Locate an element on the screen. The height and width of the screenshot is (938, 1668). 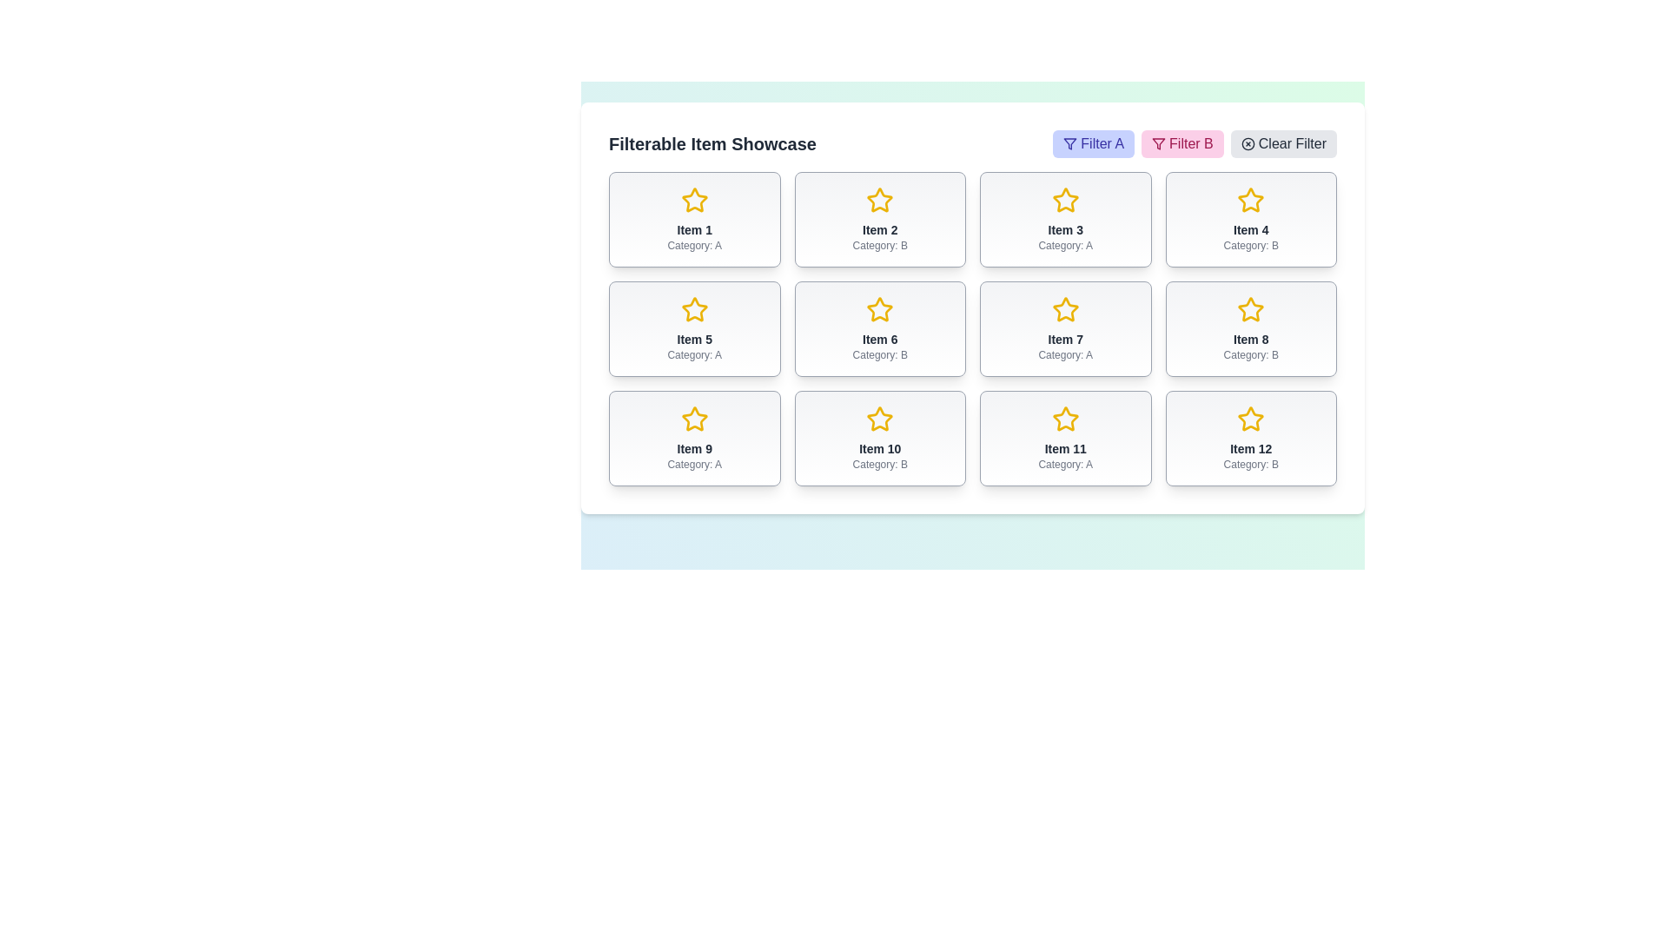
the static text label that identifies 'Item 8', located beneath the star icon and above 'Category: B' is located at coordinates (1251, 339).